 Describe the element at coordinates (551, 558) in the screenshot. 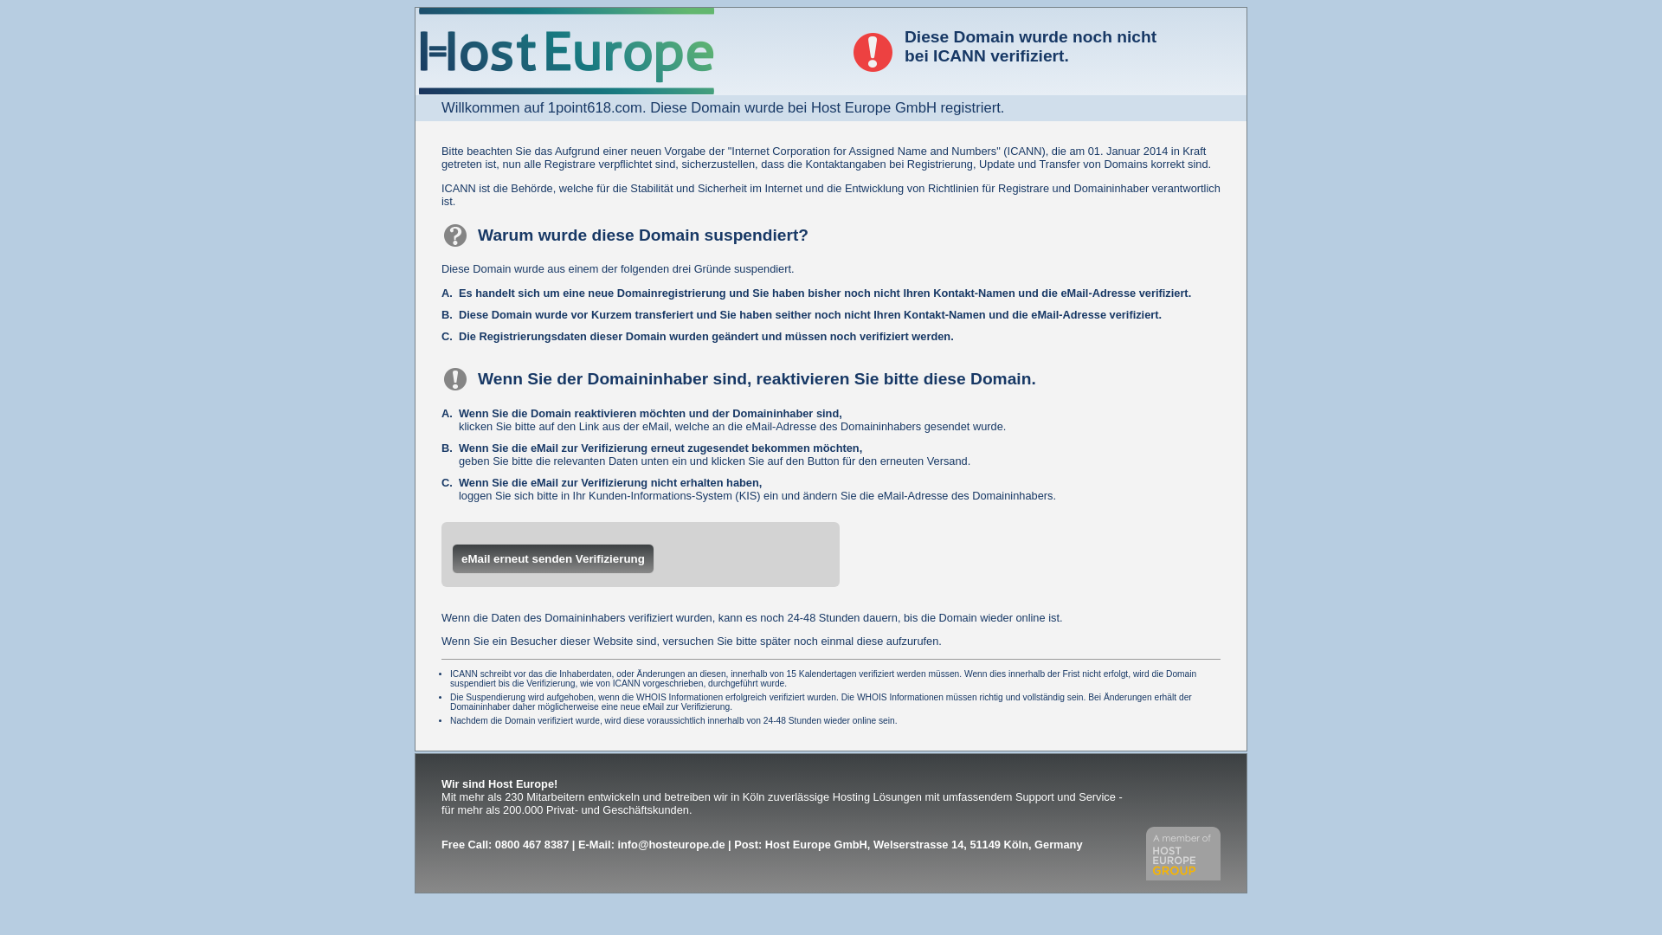

I see `'eMail erneut senden Verifizierung'` at that location.